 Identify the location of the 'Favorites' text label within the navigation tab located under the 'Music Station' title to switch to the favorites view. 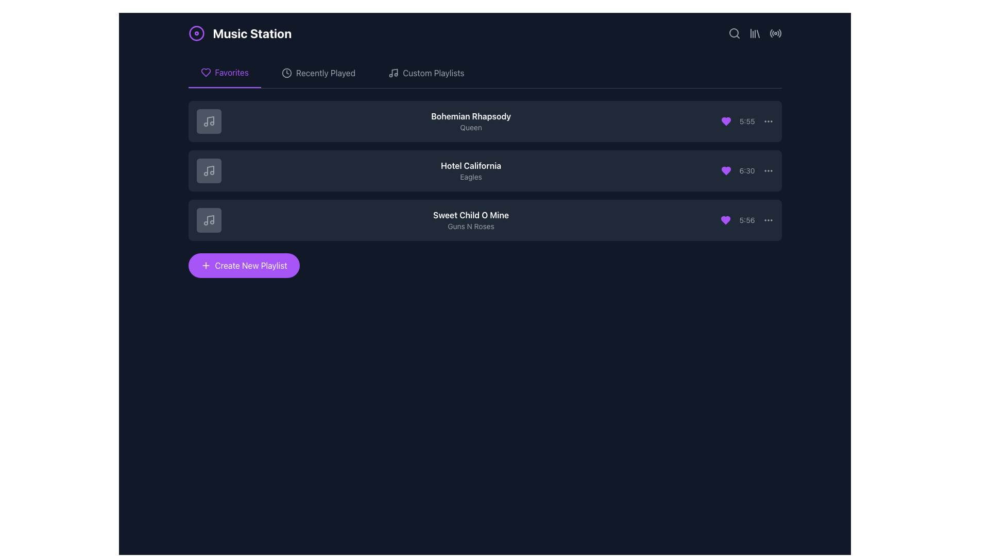
(231, 72).